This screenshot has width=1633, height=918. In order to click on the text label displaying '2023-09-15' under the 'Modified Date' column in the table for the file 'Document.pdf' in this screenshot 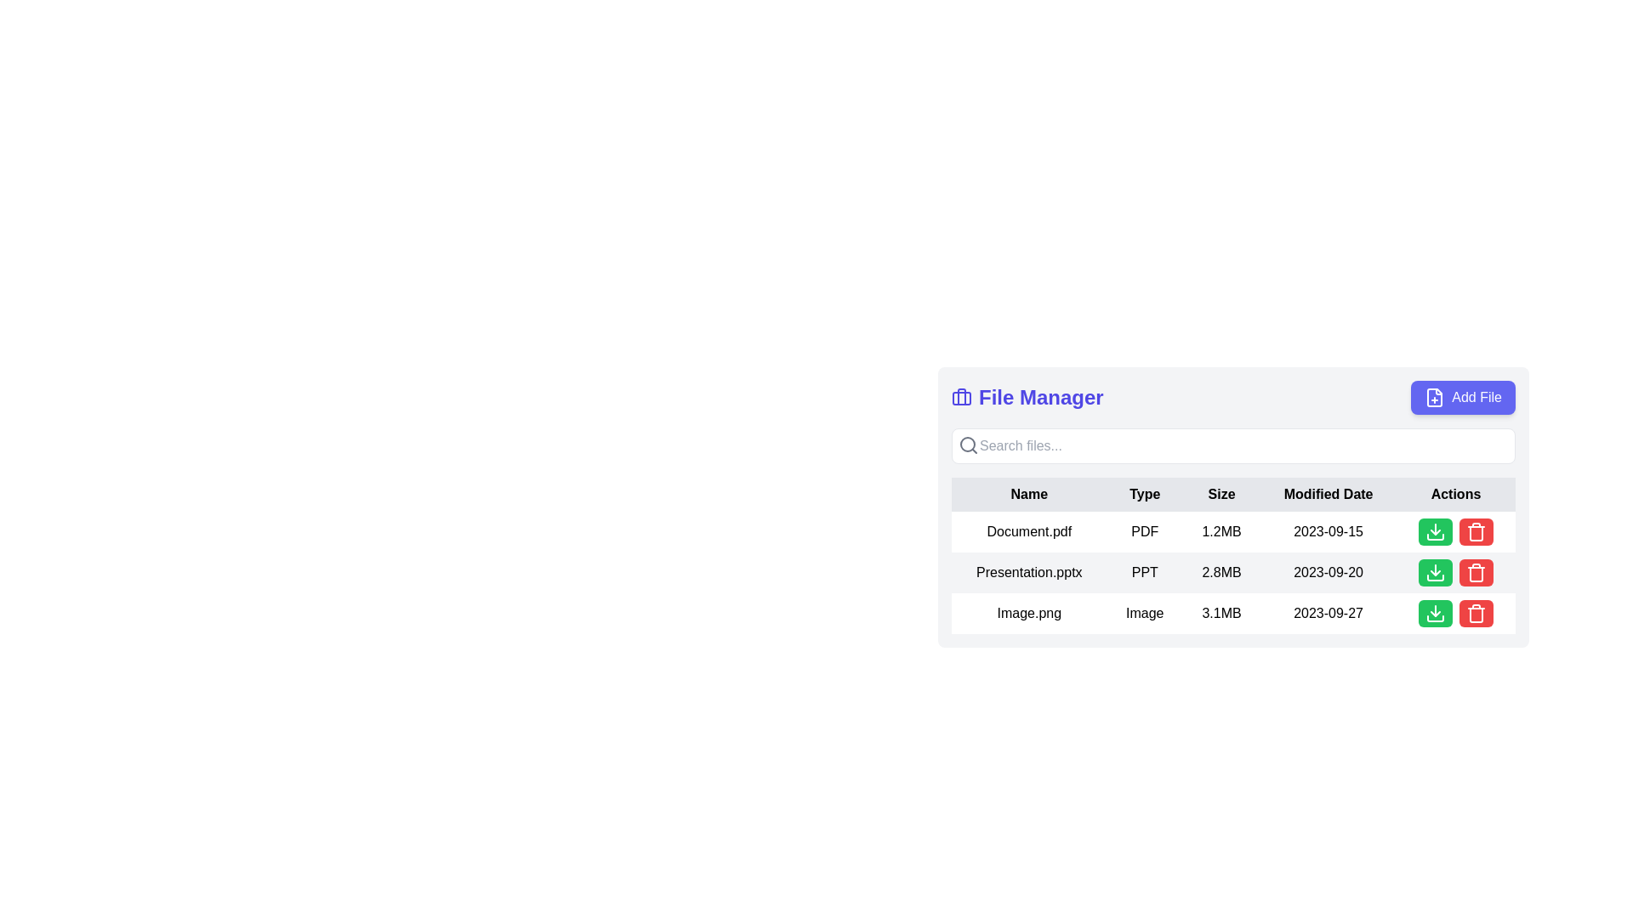, I will do `click(1328, 530)`.